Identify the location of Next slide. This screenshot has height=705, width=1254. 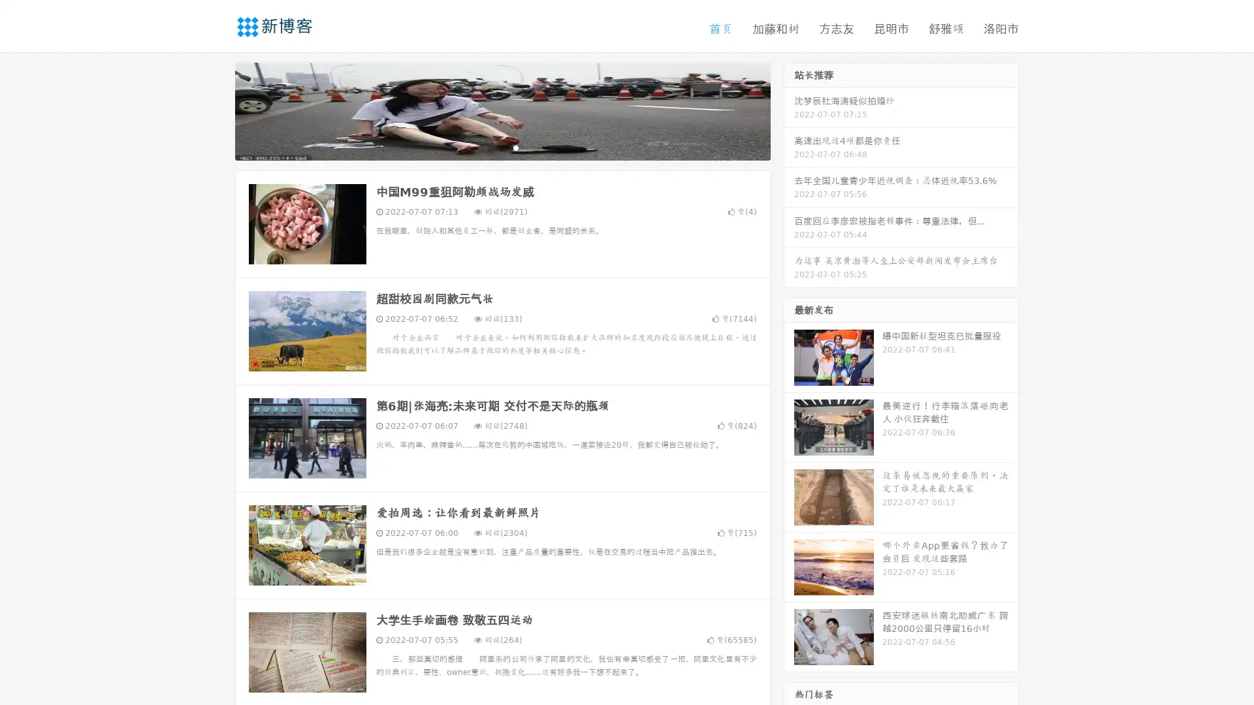
(789, 110).